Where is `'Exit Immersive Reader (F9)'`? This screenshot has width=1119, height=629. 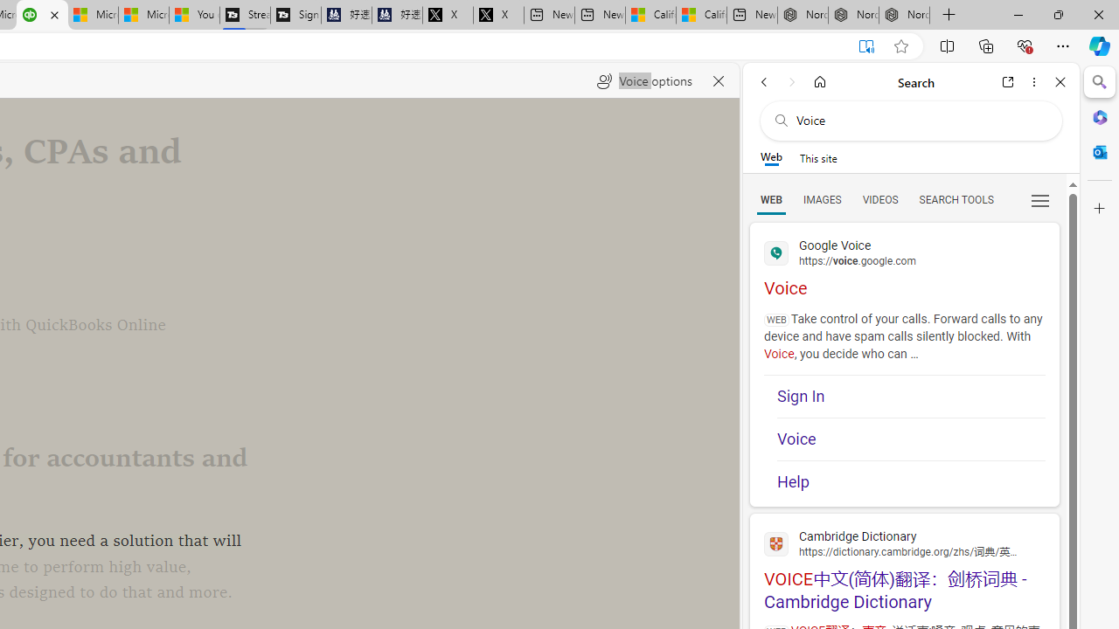 'Exit Immersive Reader (F9)' is located at coordinates (866, 45).